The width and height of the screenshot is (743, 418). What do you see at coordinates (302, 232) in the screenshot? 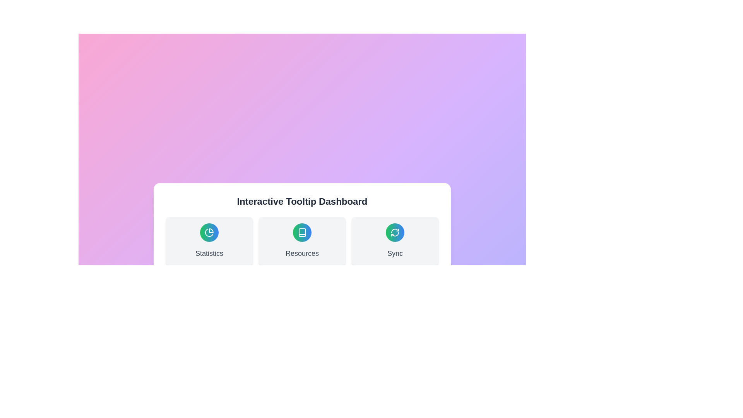
I see `the 'Resources' icon located at the center of the middle card in the 'Interactive Tooltip Dashboard.'` at bounding box center [302, 232].